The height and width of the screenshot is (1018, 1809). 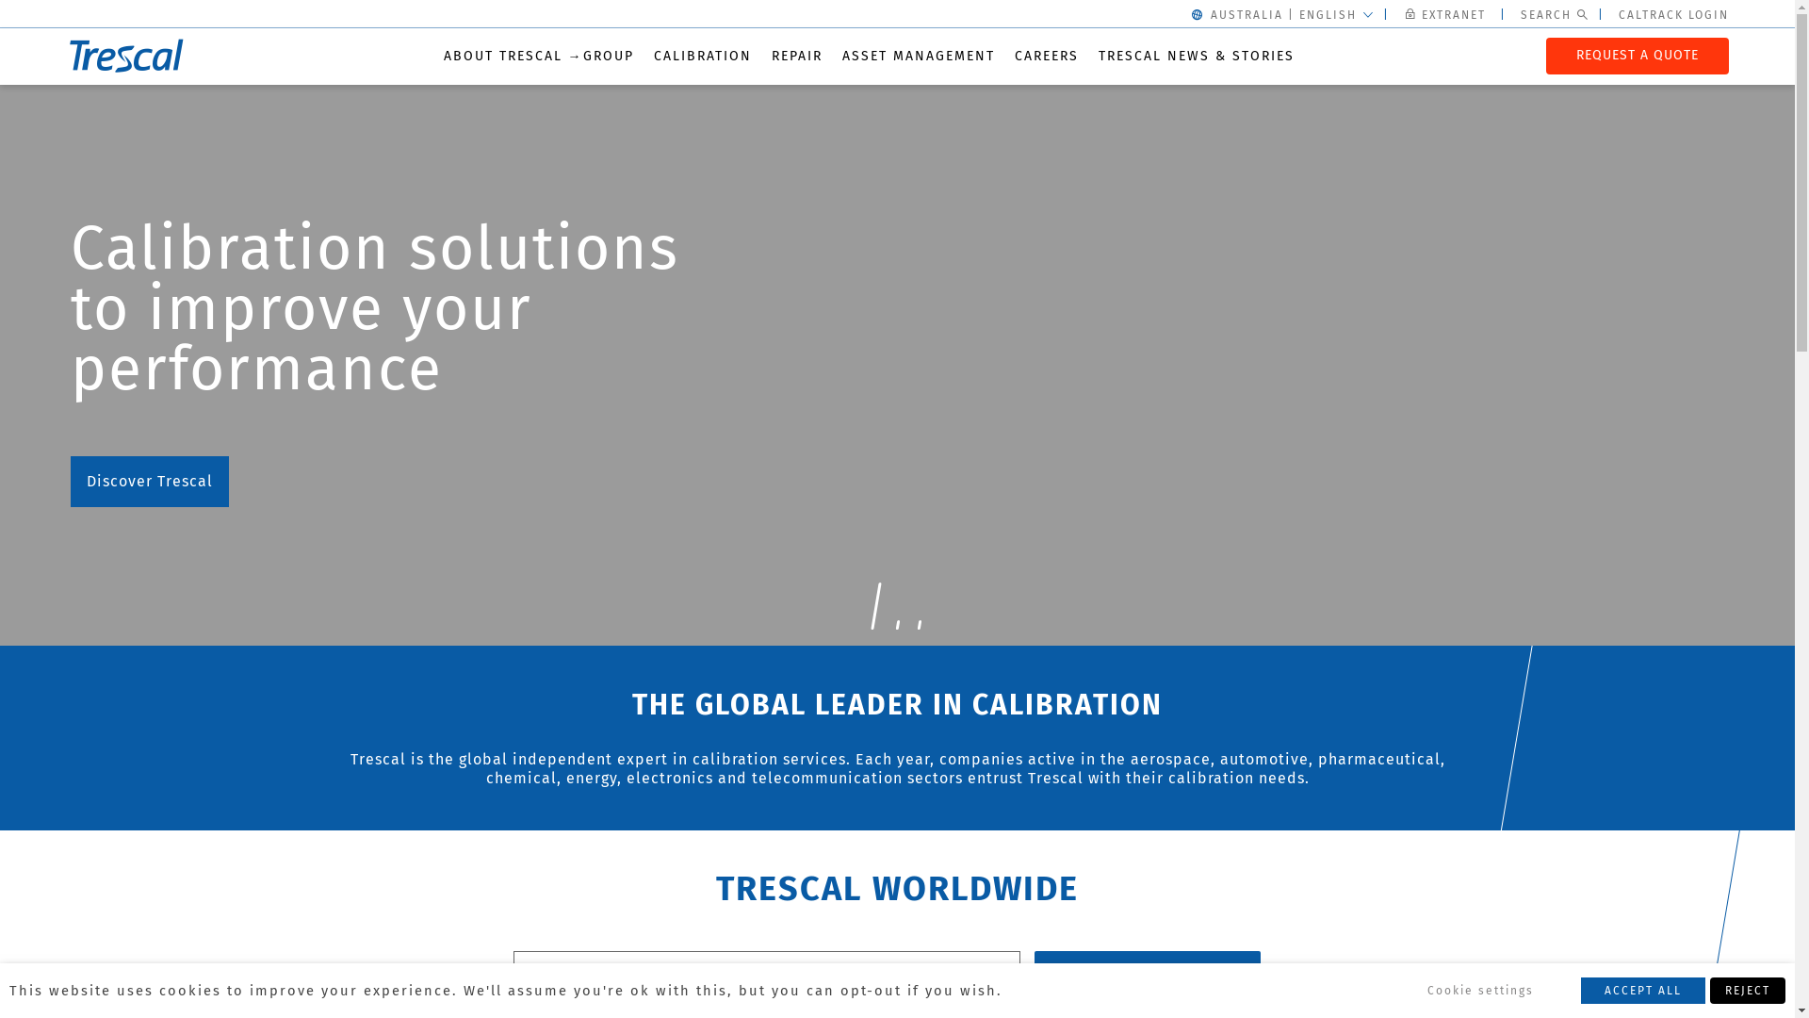 What do you see at coordinates (1044, 55) in the screenshot?
I see `'CAREERS'` at bounding box center [1044, 55].